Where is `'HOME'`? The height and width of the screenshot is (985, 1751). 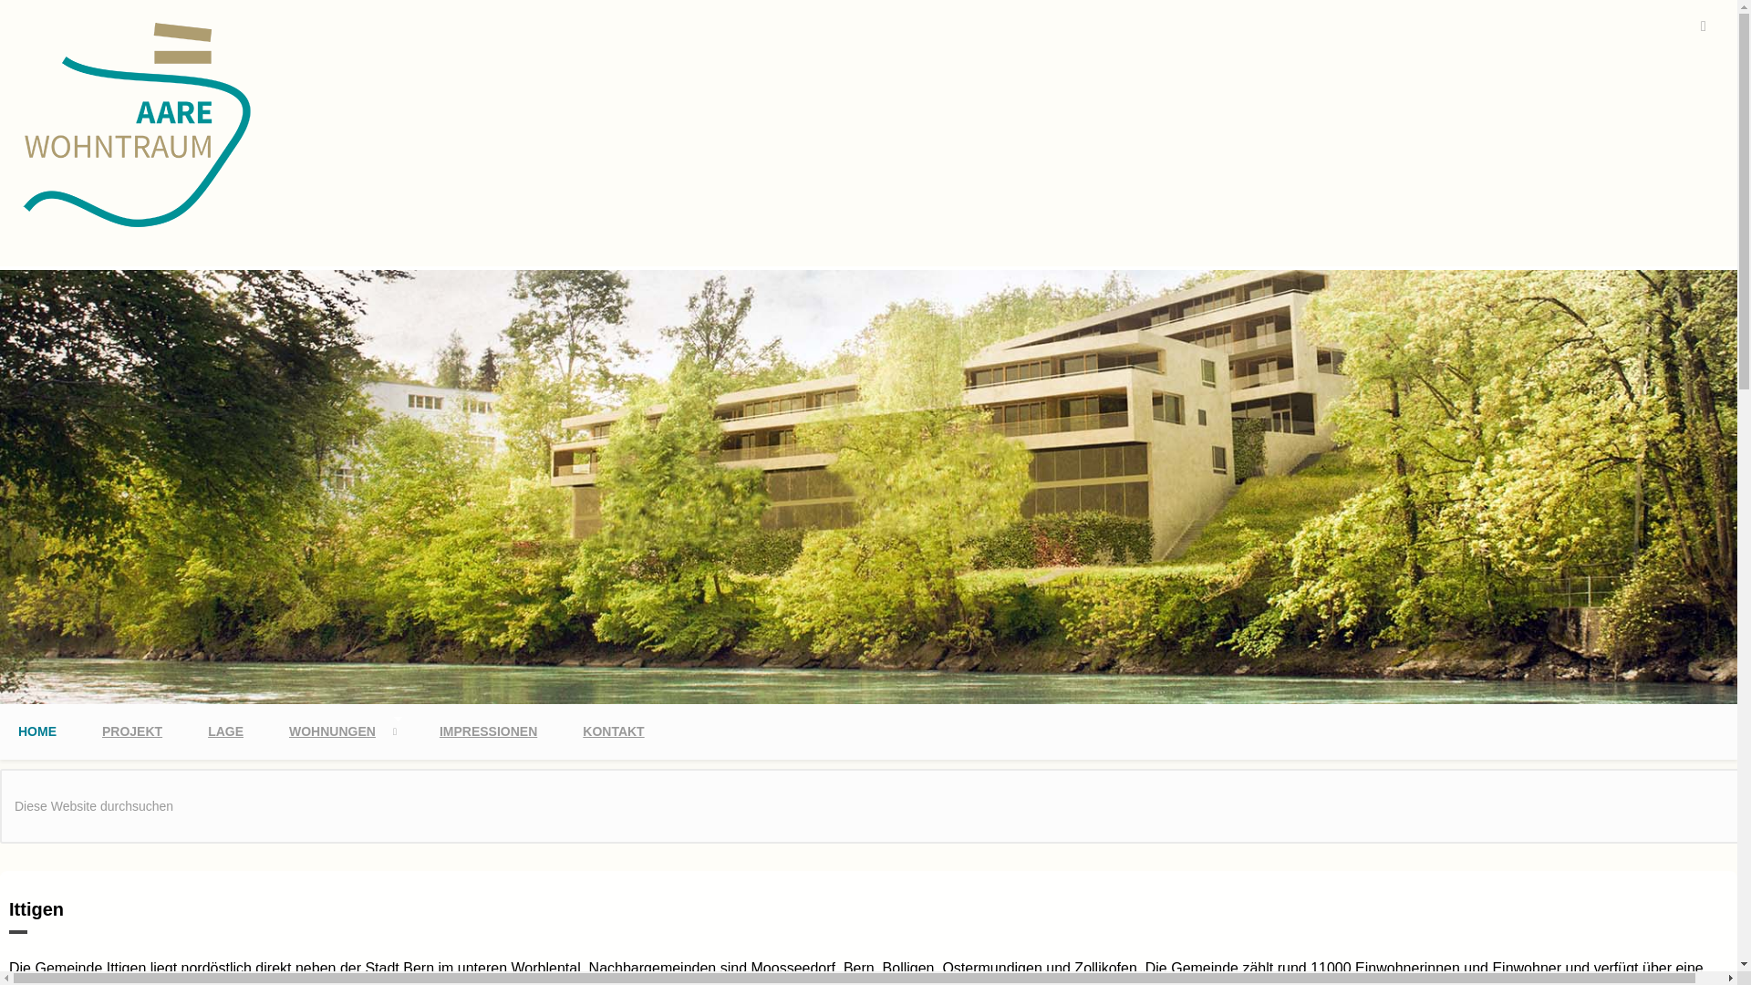
'HOME' is located at coordinates (37, 731).